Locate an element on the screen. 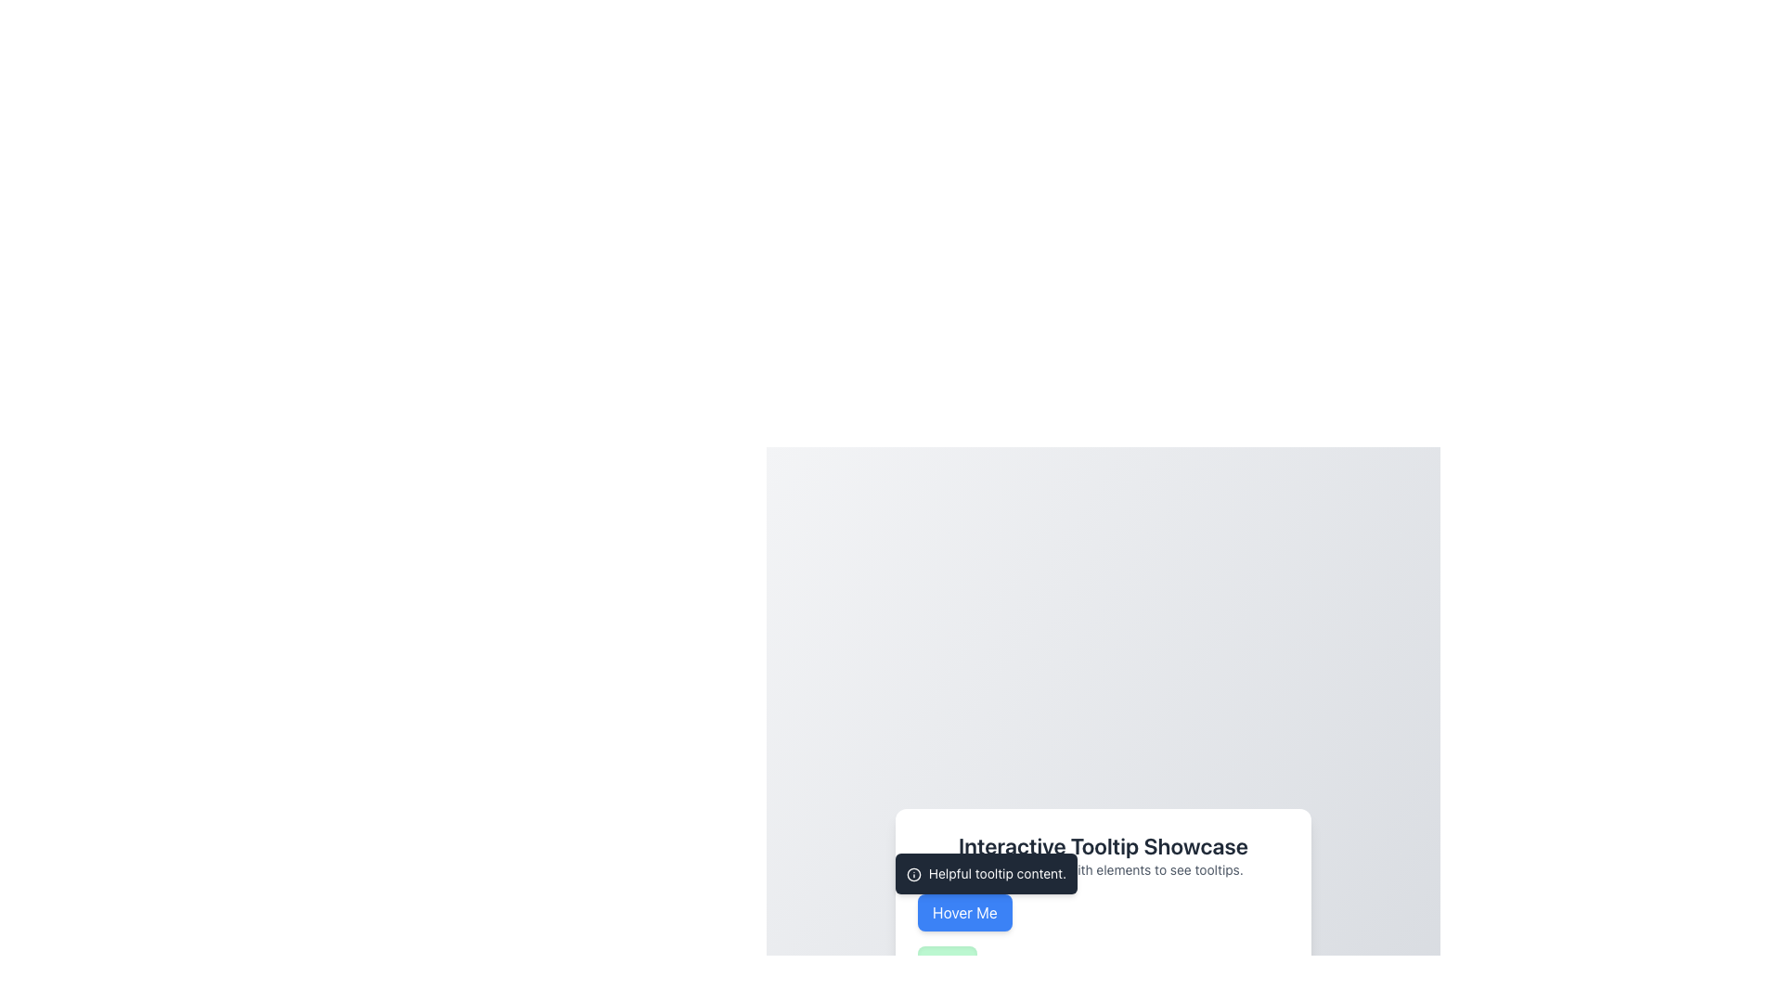 This screenshot has height=1002, width=1782. text element that says 'Hover or interact with elements to see tooltips.' located beneath the 'Interactive Tooltip Showcase' header is located at coordinates (1104, 869).